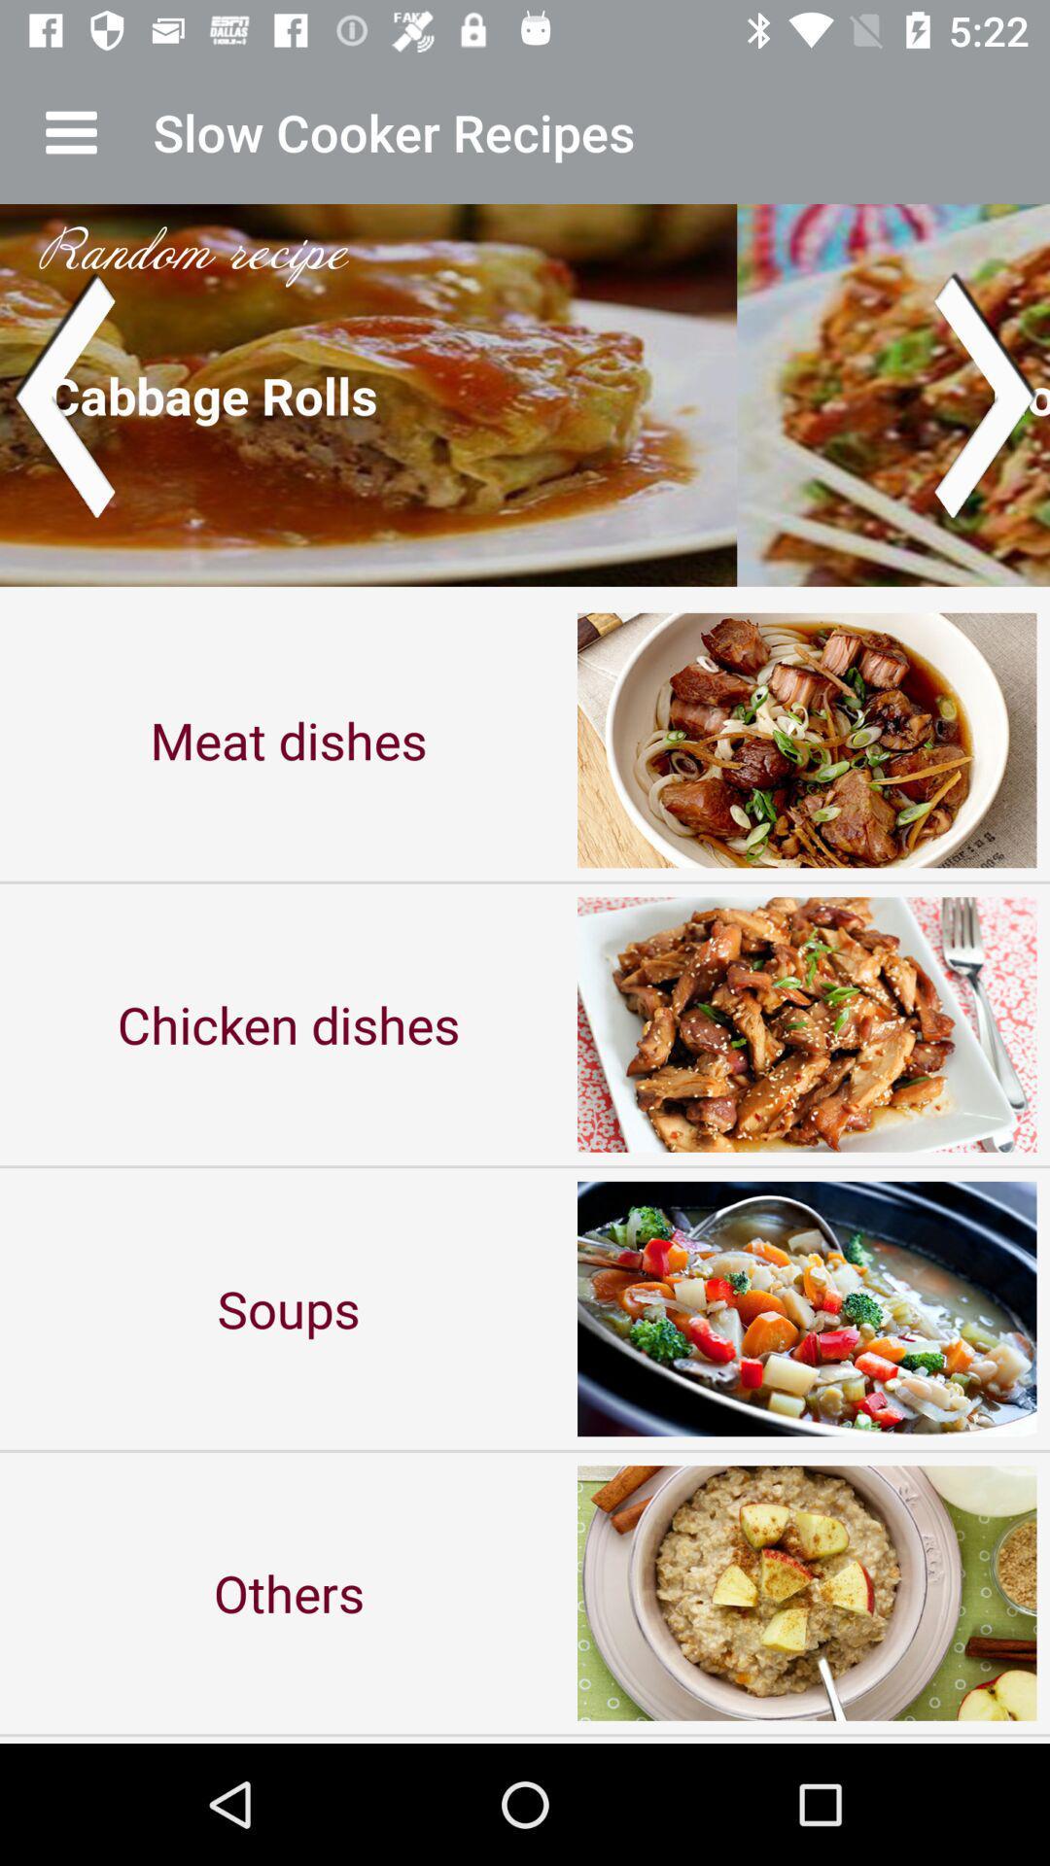 The image size is (1050, 1866). Describe the element at coordinates (289, 739) in the screenshot. I see `the meat dishes item` at that location.